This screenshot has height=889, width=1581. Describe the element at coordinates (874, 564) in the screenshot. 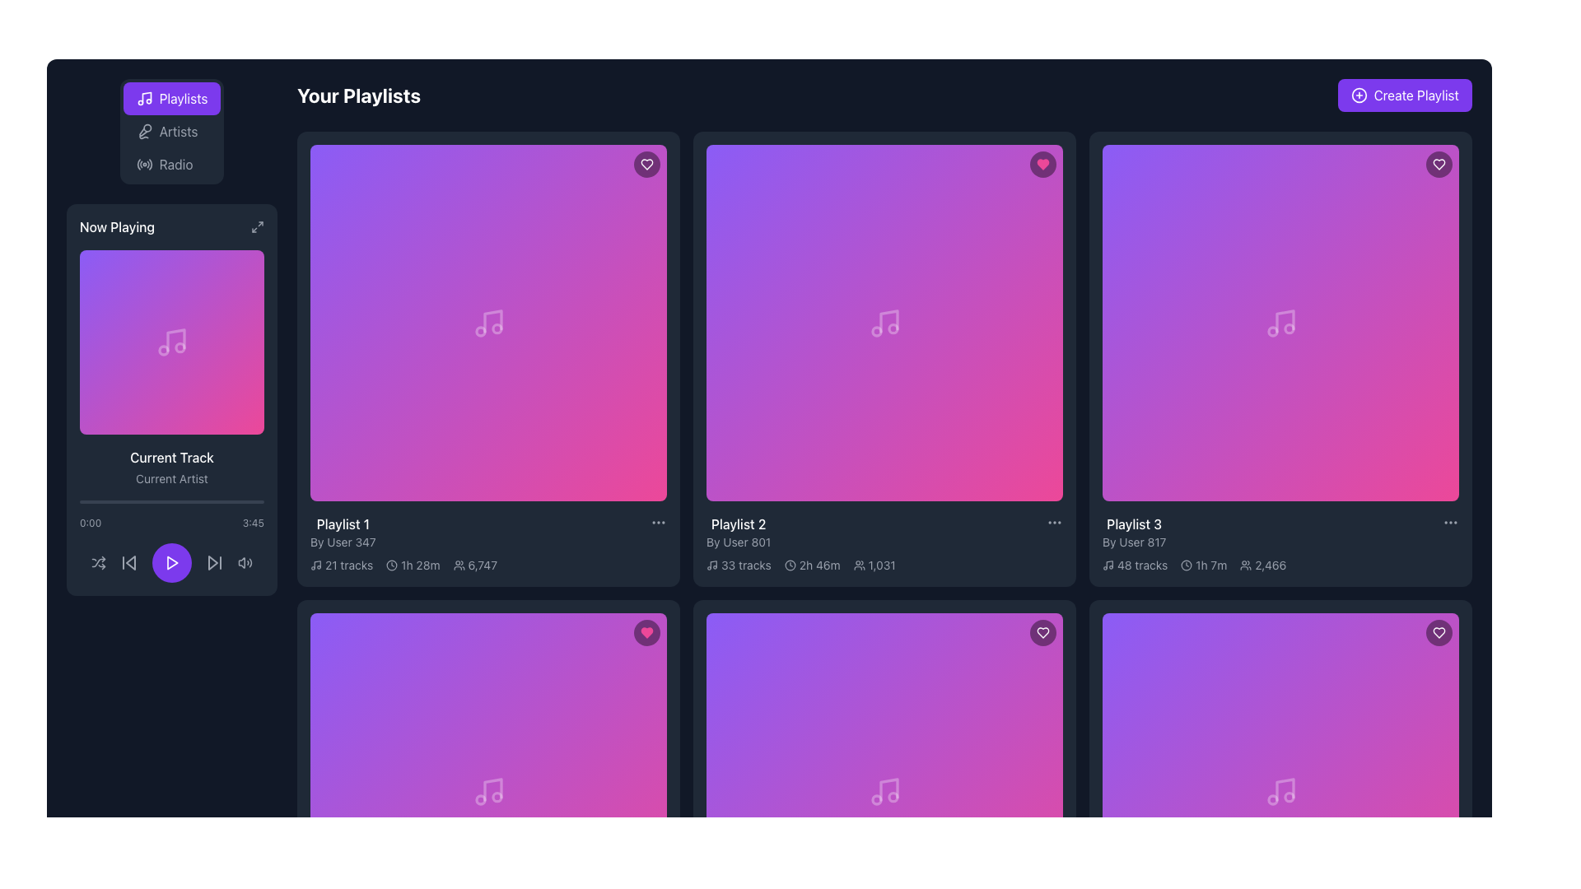

I see `the informational label with an icon indicating the number of people or users associated with 'Playlist 2', located under the playlist title and next to the duration label` at that location.